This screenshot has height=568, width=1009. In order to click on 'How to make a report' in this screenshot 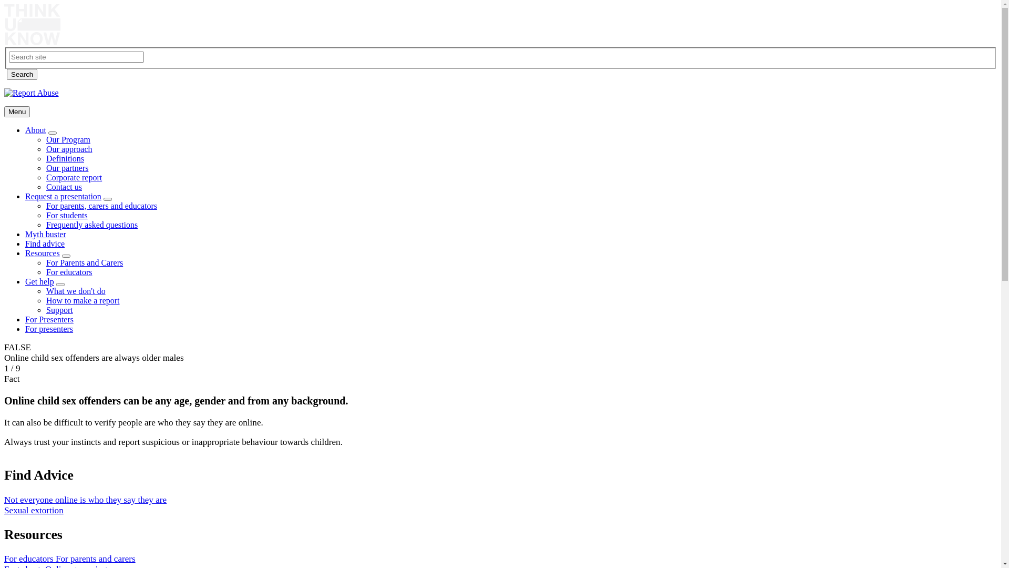, I will do `click(83, 300)`.